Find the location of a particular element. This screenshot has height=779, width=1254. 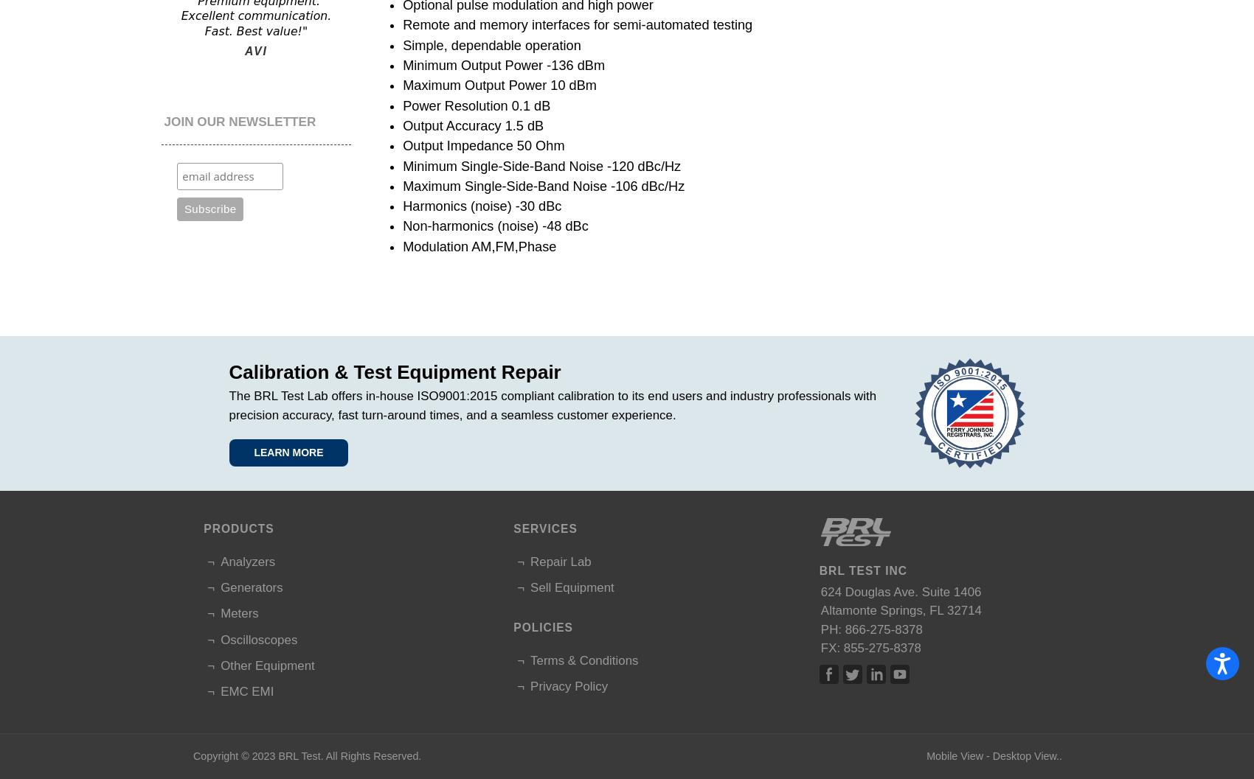

'Sell Equipment' is located at coordinates (571, 587).